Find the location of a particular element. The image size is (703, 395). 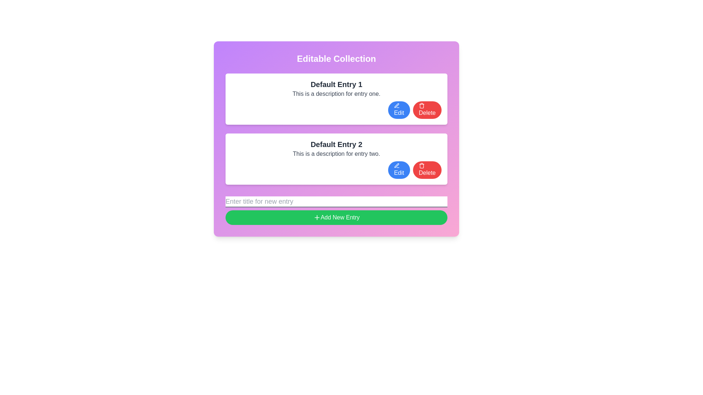

the delete icon located to the right of the 'Delete' button, which is adjacent to the 'Edit' button is located at coordinates (421, 165).